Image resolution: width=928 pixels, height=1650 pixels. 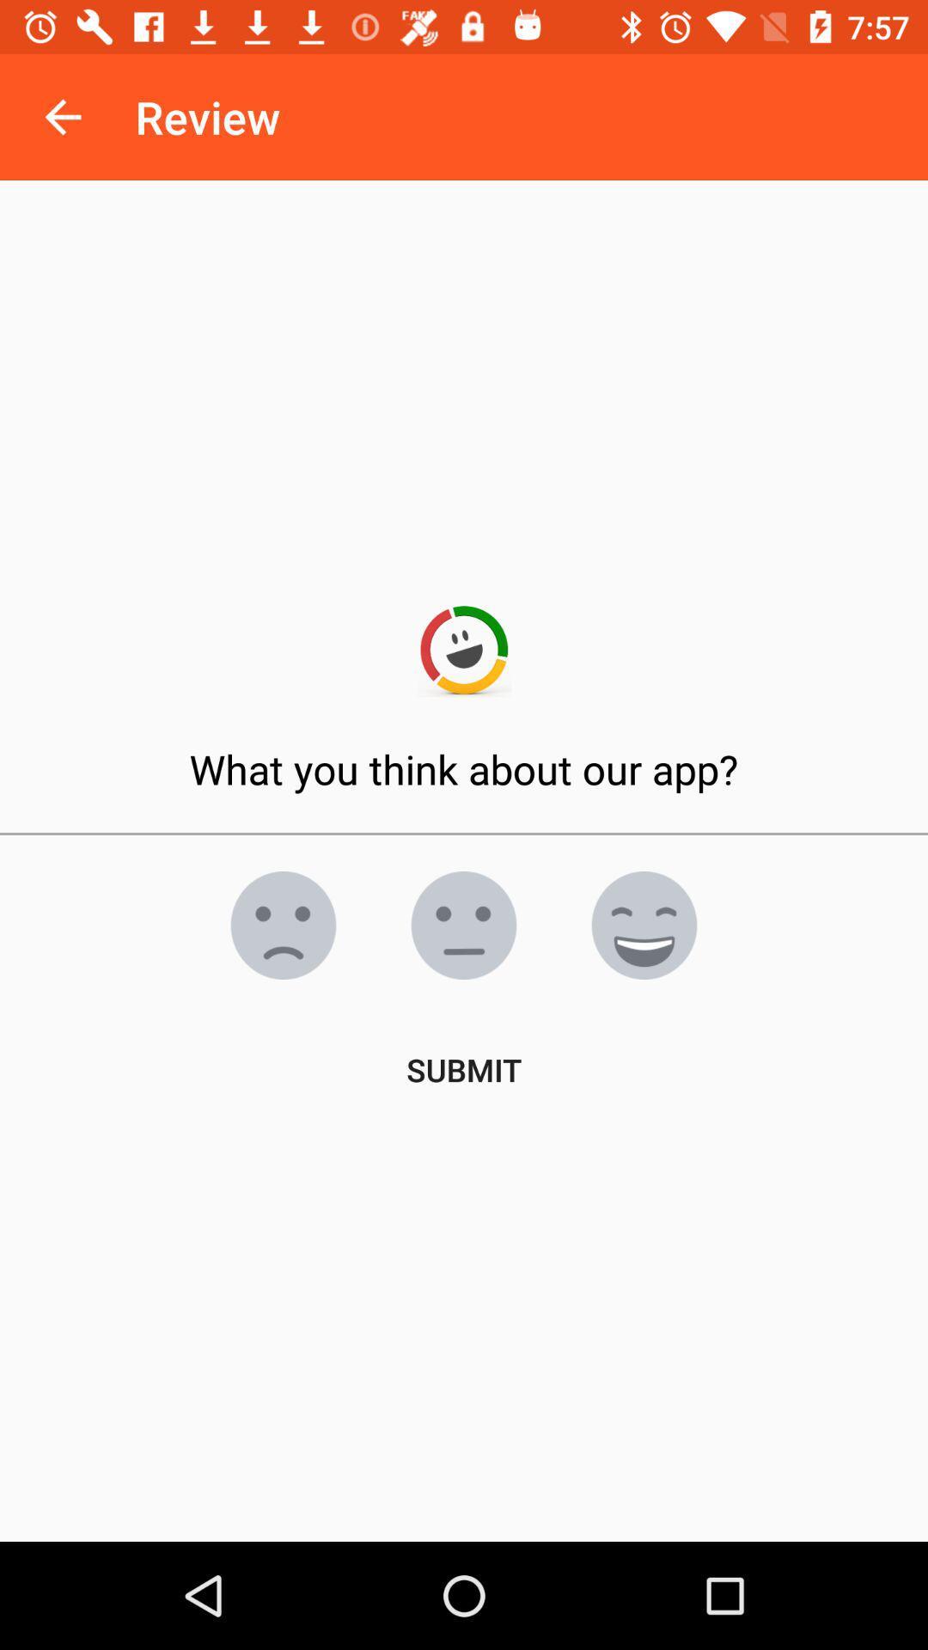 I want to click on leave negative review, so click(x=283, y=924).